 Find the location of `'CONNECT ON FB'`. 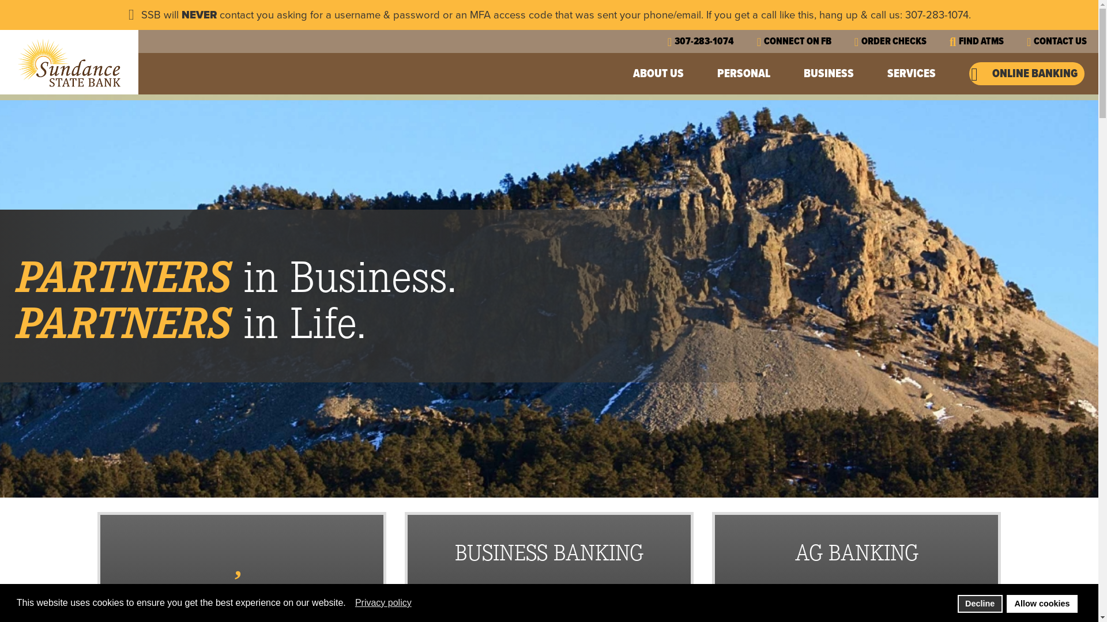

'CONNECT ON FB' is located at coordinates (757, 40).